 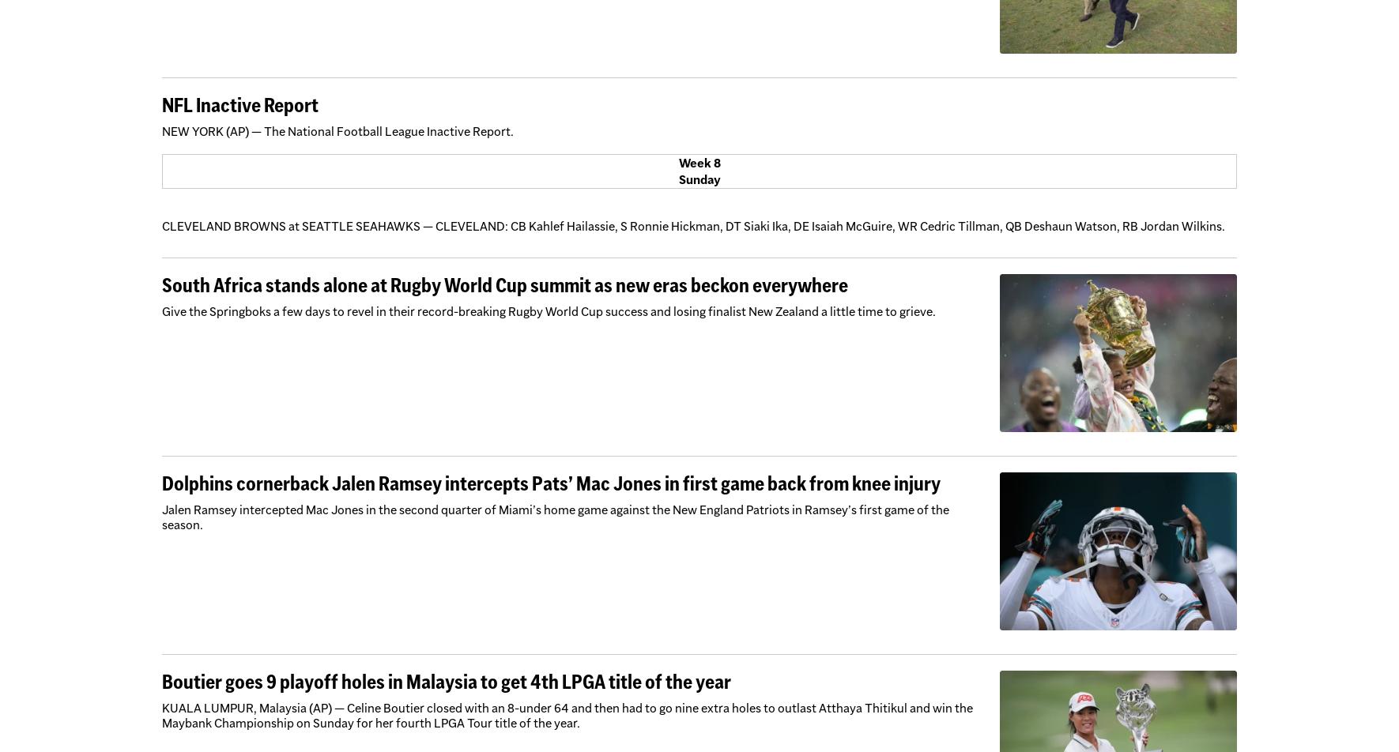 I want to click on 'CLEVELAND BROWNS at SEATTLE SEAHAWKS — CLEVELAND: CB Kahlef Hailassie, S Ronnie Hickman, DT Siaki Ika, DE Isaiah McGuire, WR Cedric Tillman, QB Deshaun Watson, RB Jordan Wilkins.', so click(x=693, y=226).